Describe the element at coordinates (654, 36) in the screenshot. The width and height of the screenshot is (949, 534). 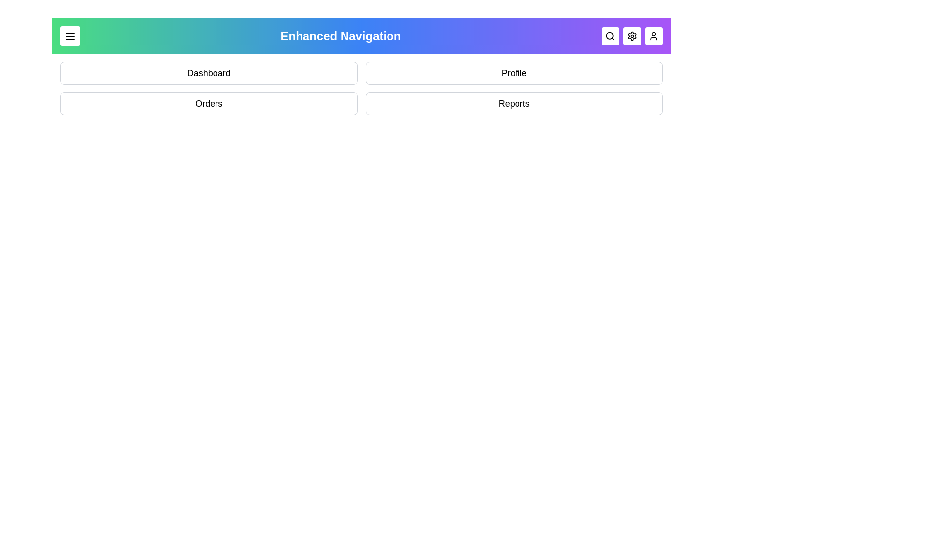
I see `the user profile button` at that location.